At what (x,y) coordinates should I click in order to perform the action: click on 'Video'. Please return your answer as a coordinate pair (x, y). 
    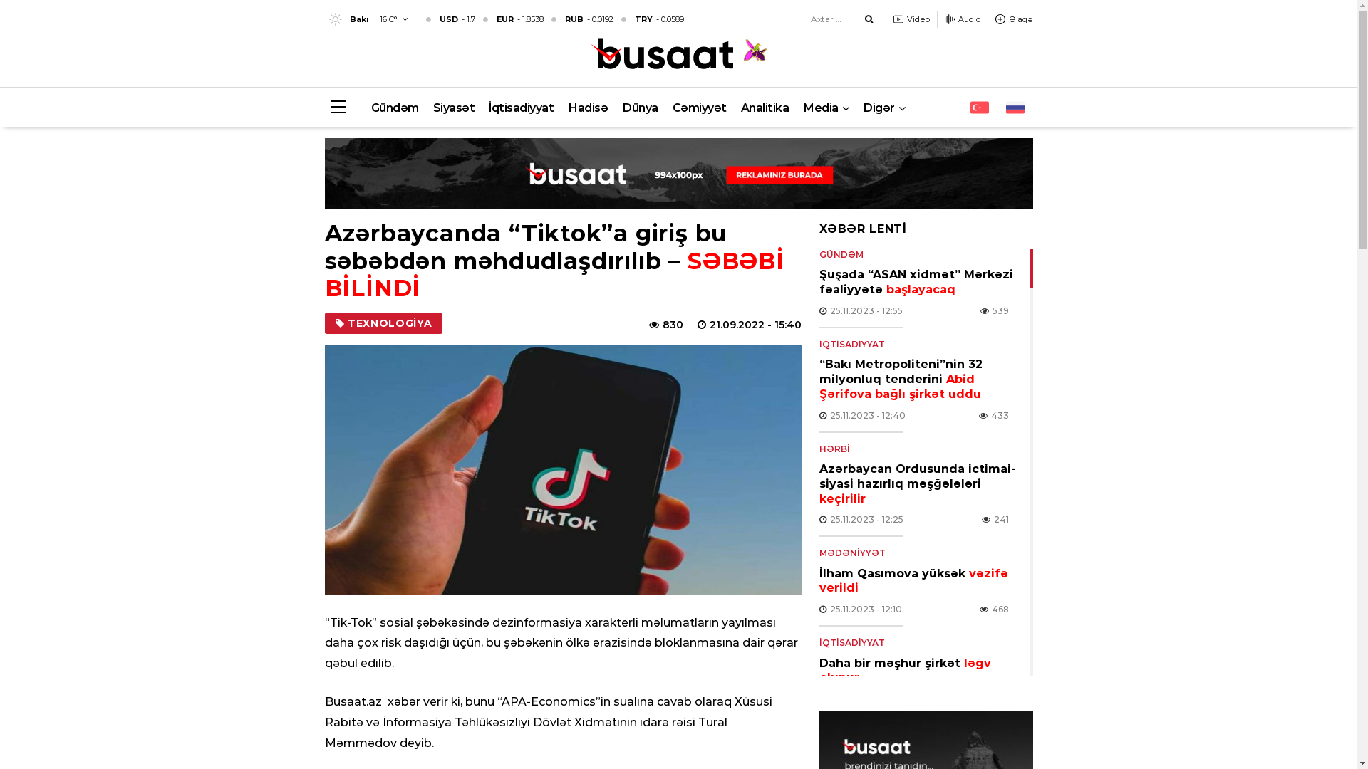
    Looking at the image, I should click on (892, 19).